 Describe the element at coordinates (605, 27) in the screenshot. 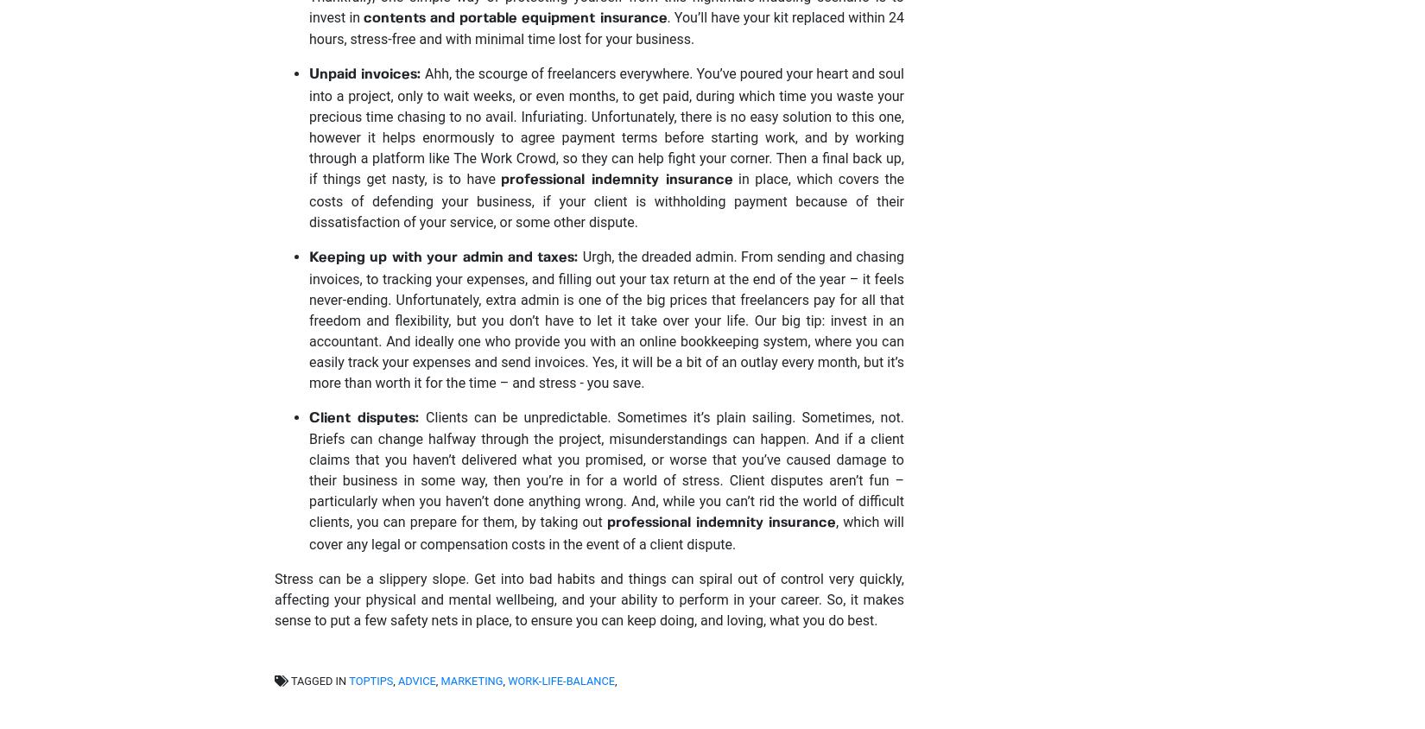

I see `'. You’ll have your kit replaced within 24 hours, stress-free and with minimal time lost for your business.'` at that location.